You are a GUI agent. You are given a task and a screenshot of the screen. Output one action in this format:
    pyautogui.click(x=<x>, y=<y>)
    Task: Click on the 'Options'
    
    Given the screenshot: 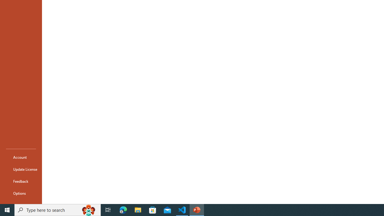 What is the action you would take?
    pyautogui.click(x=21, y=193)
    